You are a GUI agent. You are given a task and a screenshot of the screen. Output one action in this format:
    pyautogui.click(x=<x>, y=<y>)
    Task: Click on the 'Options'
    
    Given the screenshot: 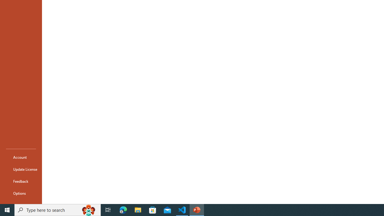 What is the action you would take?
    pyautogui.click(x=21, y=193)
    